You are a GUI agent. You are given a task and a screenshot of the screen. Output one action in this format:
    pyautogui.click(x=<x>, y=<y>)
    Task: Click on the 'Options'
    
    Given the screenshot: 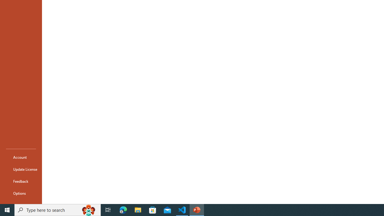 What is the action you would take?
    pyautogui.click(x=21, y=193)
    